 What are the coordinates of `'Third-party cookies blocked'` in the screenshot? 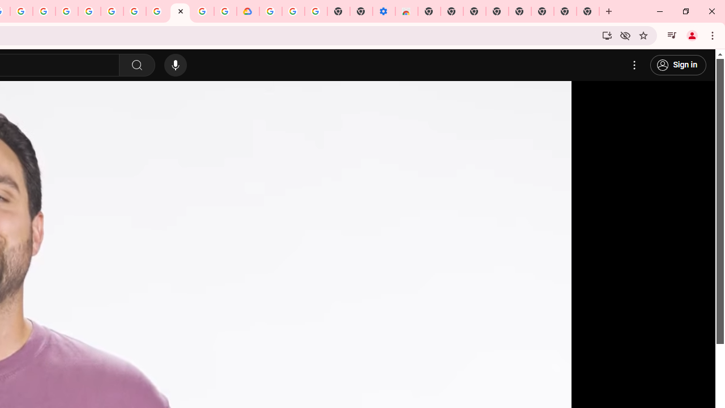 It's located at (625, 35).